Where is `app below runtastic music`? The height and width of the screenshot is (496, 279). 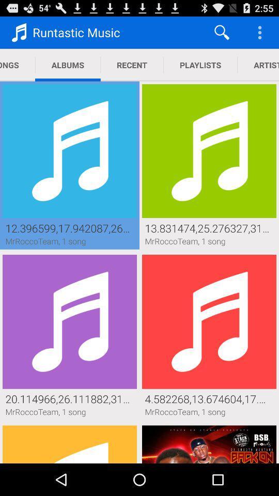 app below runtastic music is located at coordinates (68, 65).